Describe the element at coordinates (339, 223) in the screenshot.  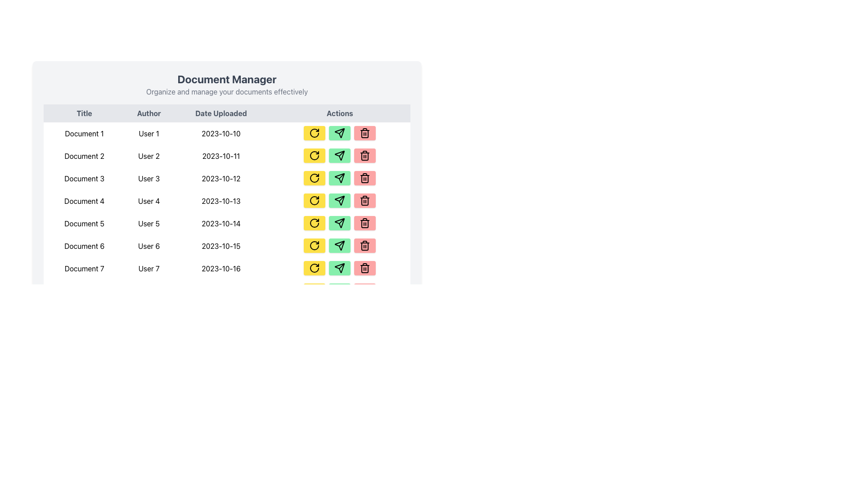
I see `the green rectangular button with a paper plane icon located in the 'Actions' column of the row for 'Document 5' and '2023-10-14'` at that location.